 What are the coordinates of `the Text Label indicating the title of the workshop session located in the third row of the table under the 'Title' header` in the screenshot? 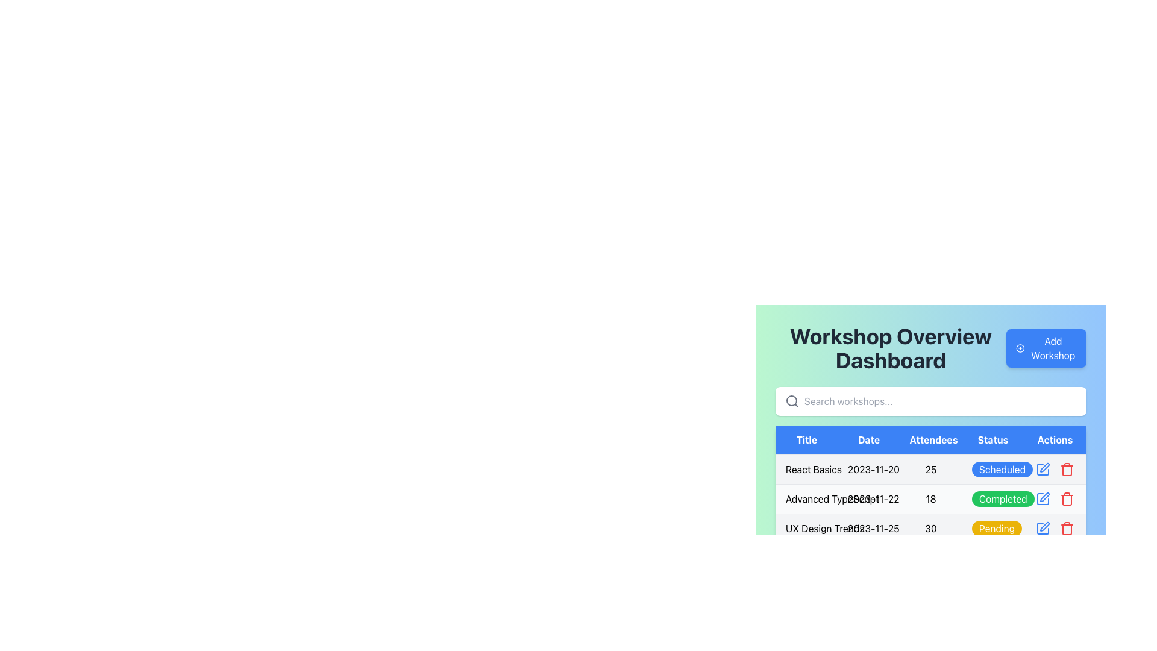 It's located at (807, 527).